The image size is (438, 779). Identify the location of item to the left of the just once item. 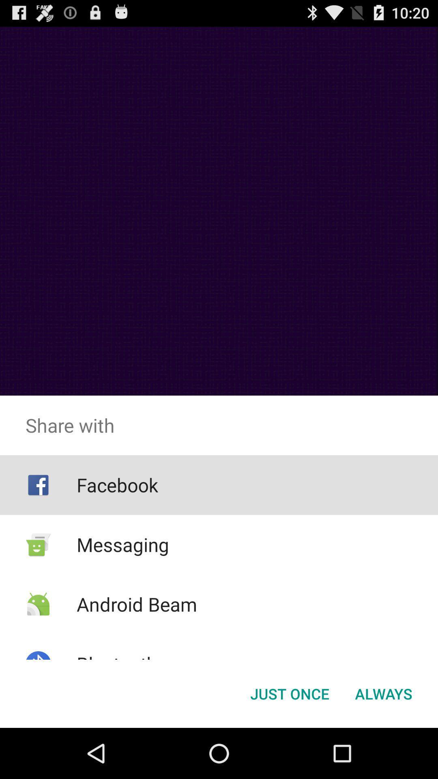
(117, 664).